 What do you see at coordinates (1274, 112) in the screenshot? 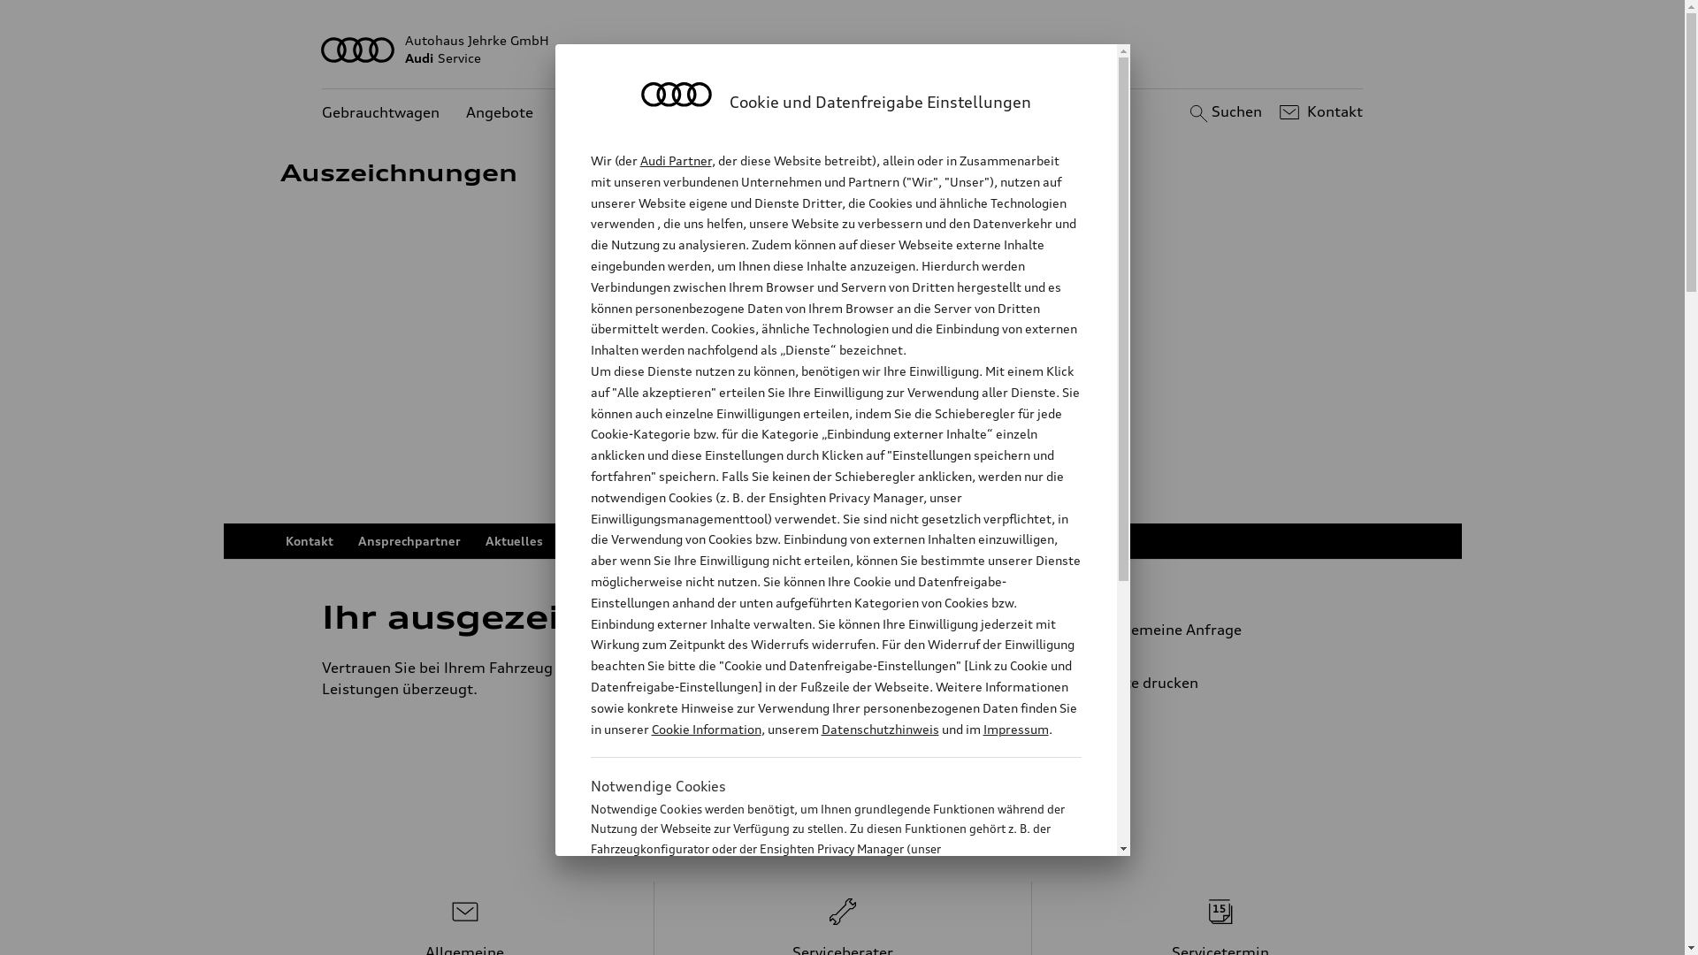
I see `'Kontakt'` at bounding box center [1274, 112].